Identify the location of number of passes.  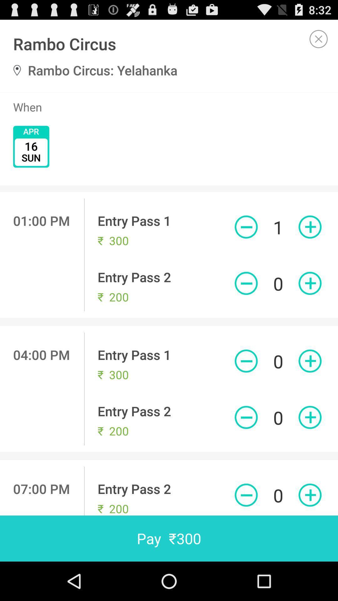
(246, 227).